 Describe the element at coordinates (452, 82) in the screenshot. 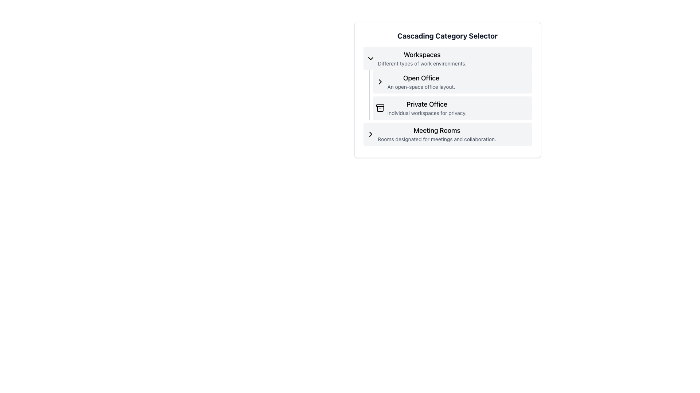

I see `the 'Open Office' option card located within the 'Workspaces' group` at that location.